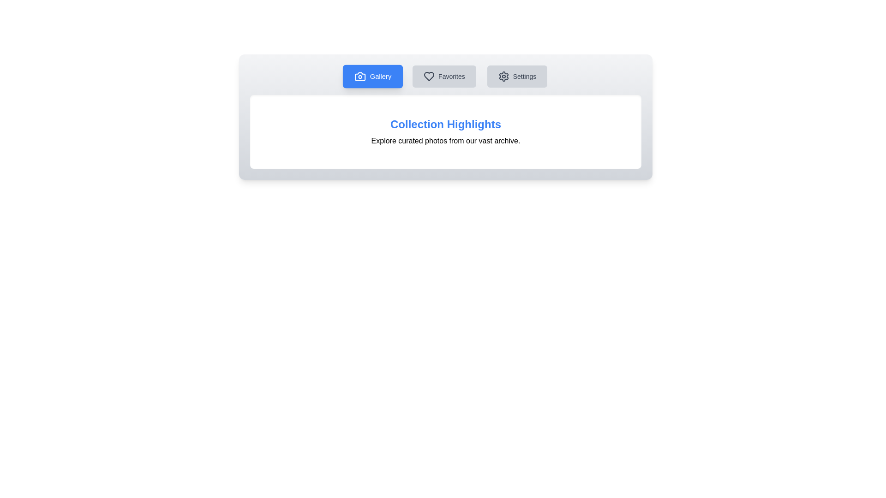  What do you see at coordinates (372, 76) in the screenshot?
I see `the Gallery tab` at bounding box center [372, 76].